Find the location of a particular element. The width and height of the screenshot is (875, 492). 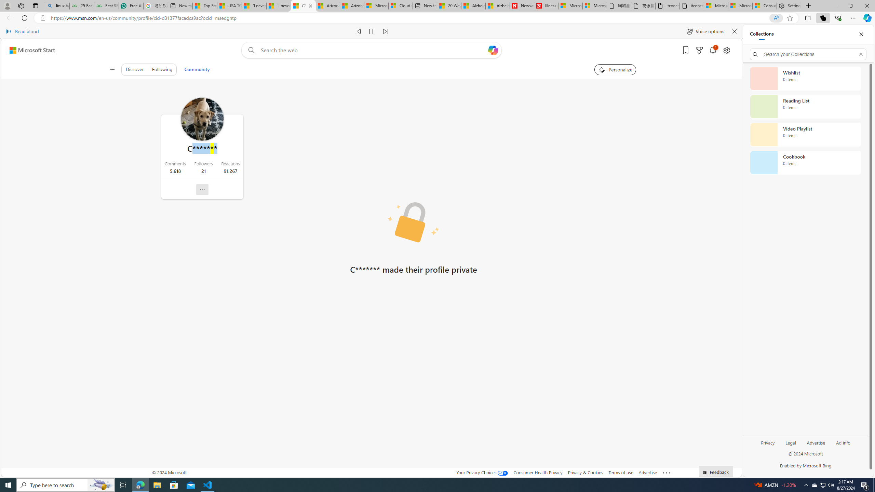

'itconcepthk.com/projector_solutions.mp4' is located at coordinates (691, 5).